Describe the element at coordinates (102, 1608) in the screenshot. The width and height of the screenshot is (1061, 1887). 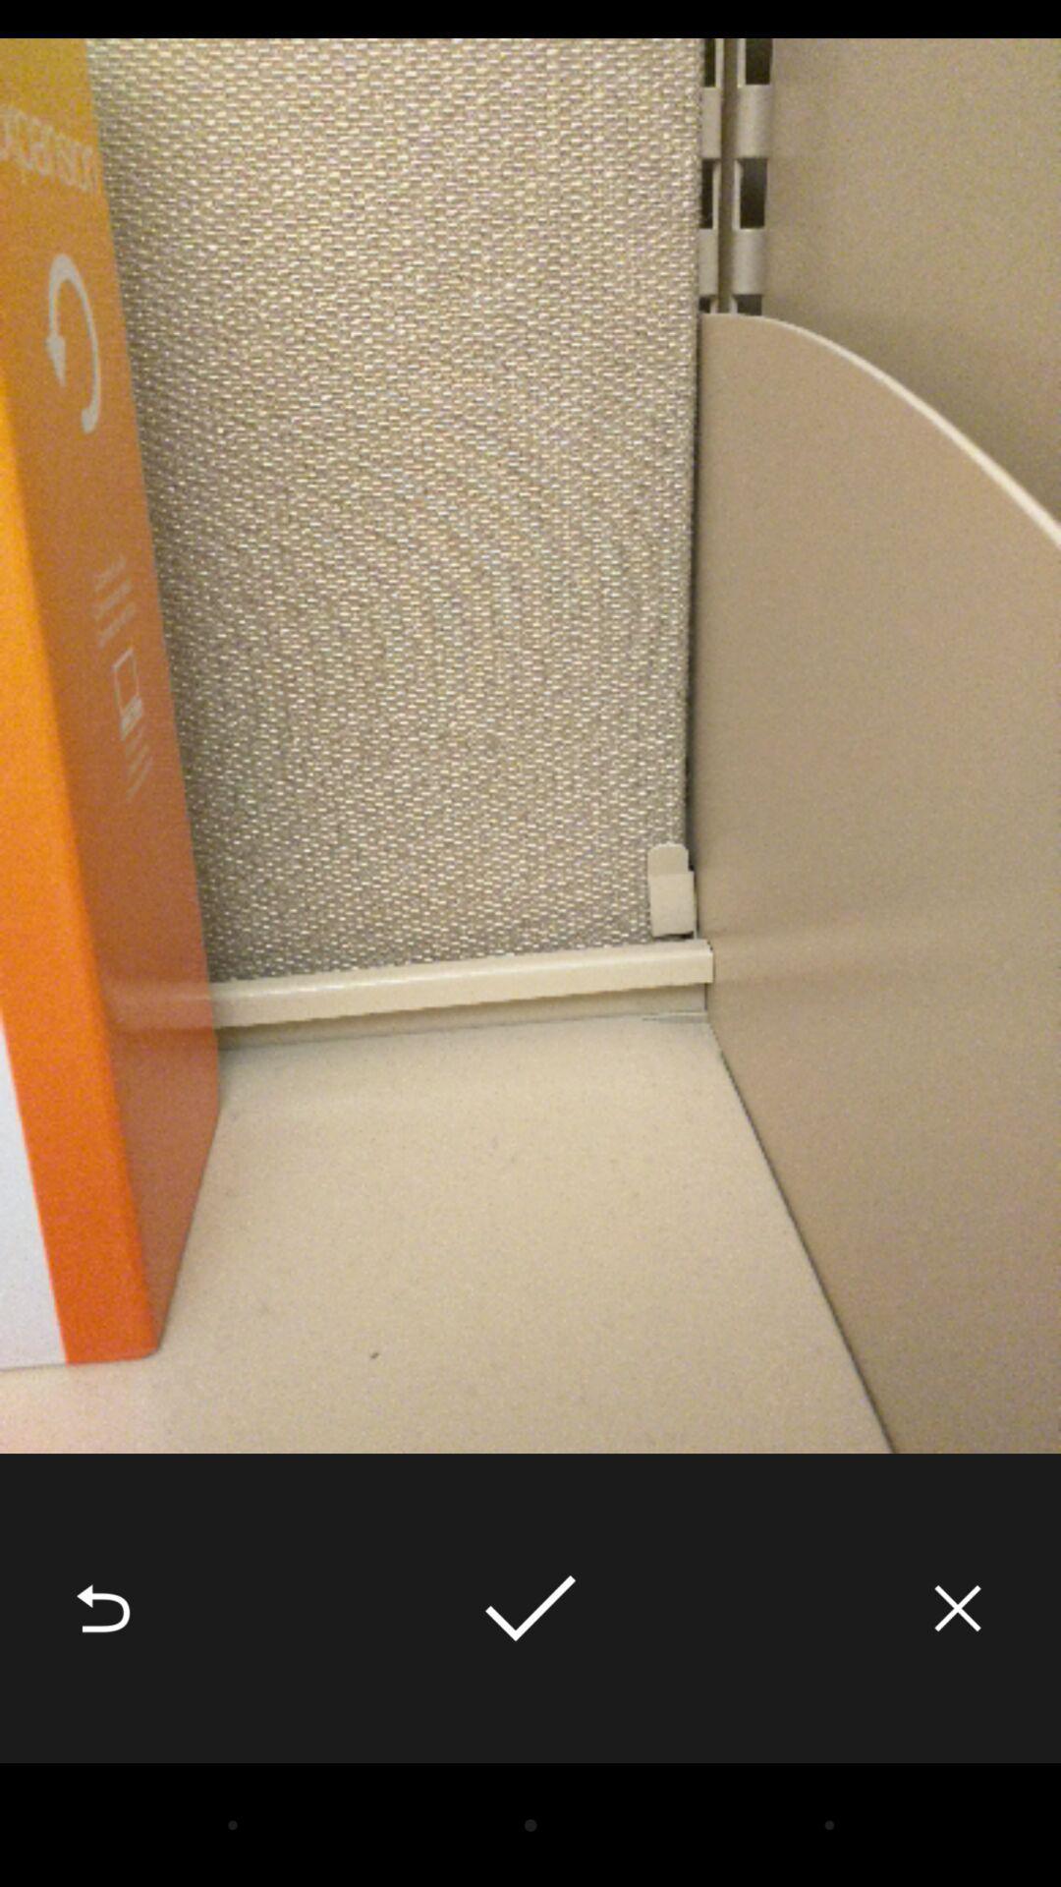
I see `the icon at the bottom left corner` at that location.